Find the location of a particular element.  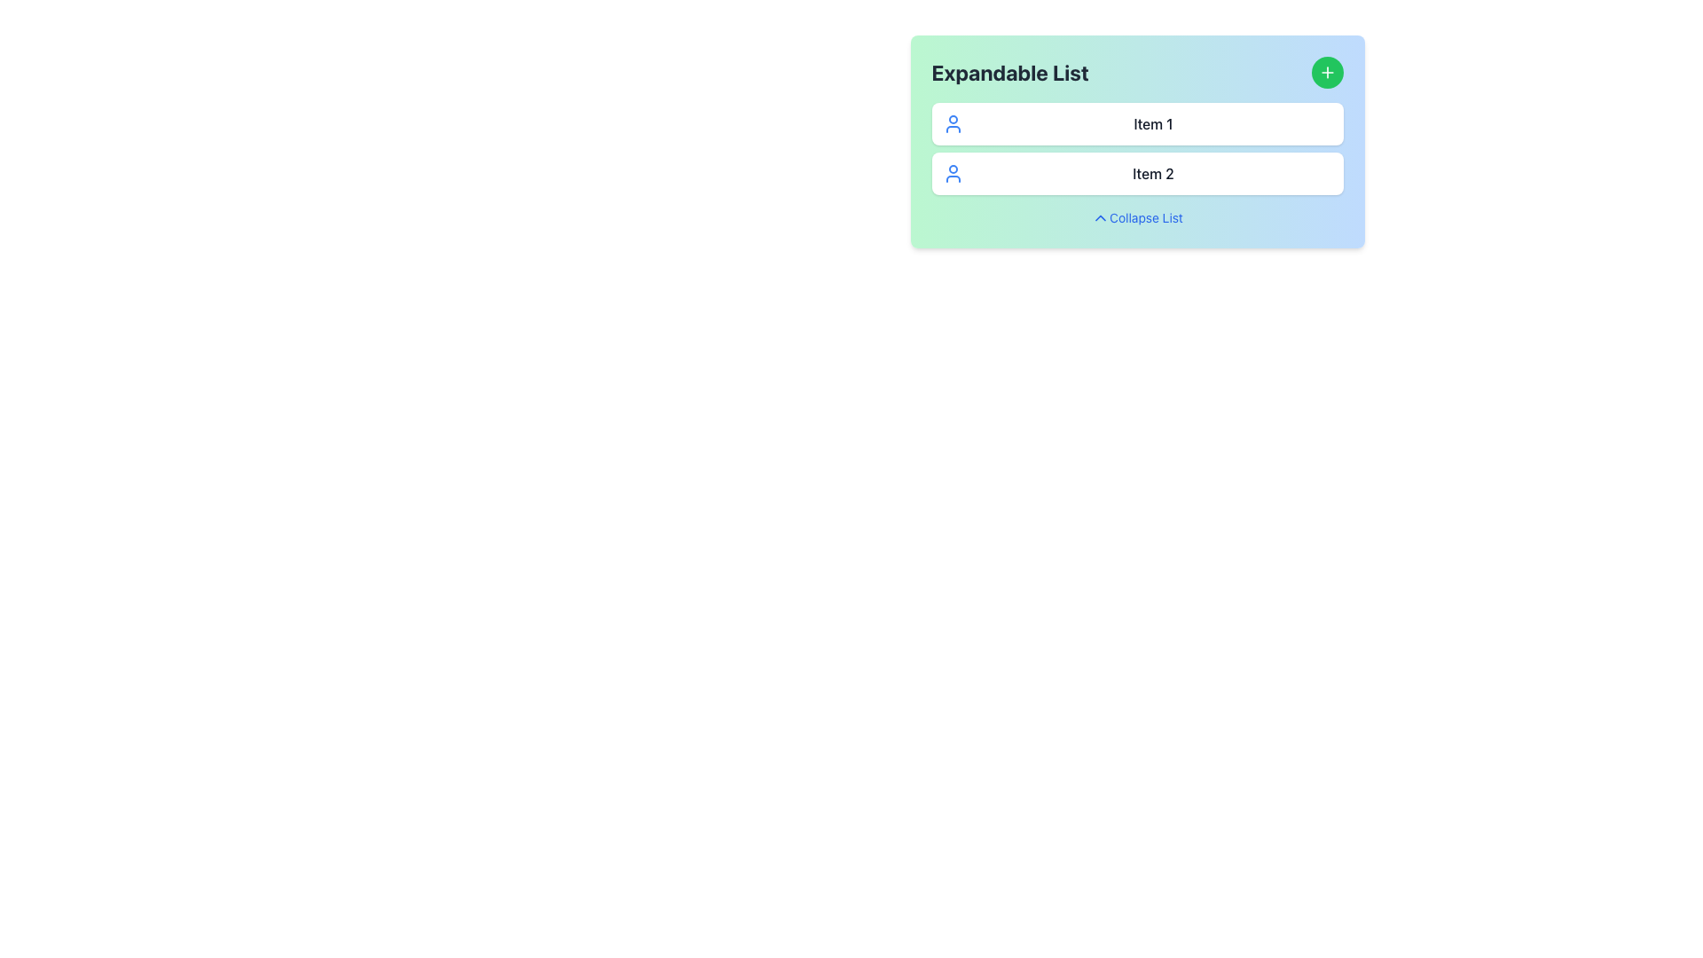

the Text Label that identifies an item in a list, located within a white, shadowed card with rounded corners is located at coordinates (1153, 122).